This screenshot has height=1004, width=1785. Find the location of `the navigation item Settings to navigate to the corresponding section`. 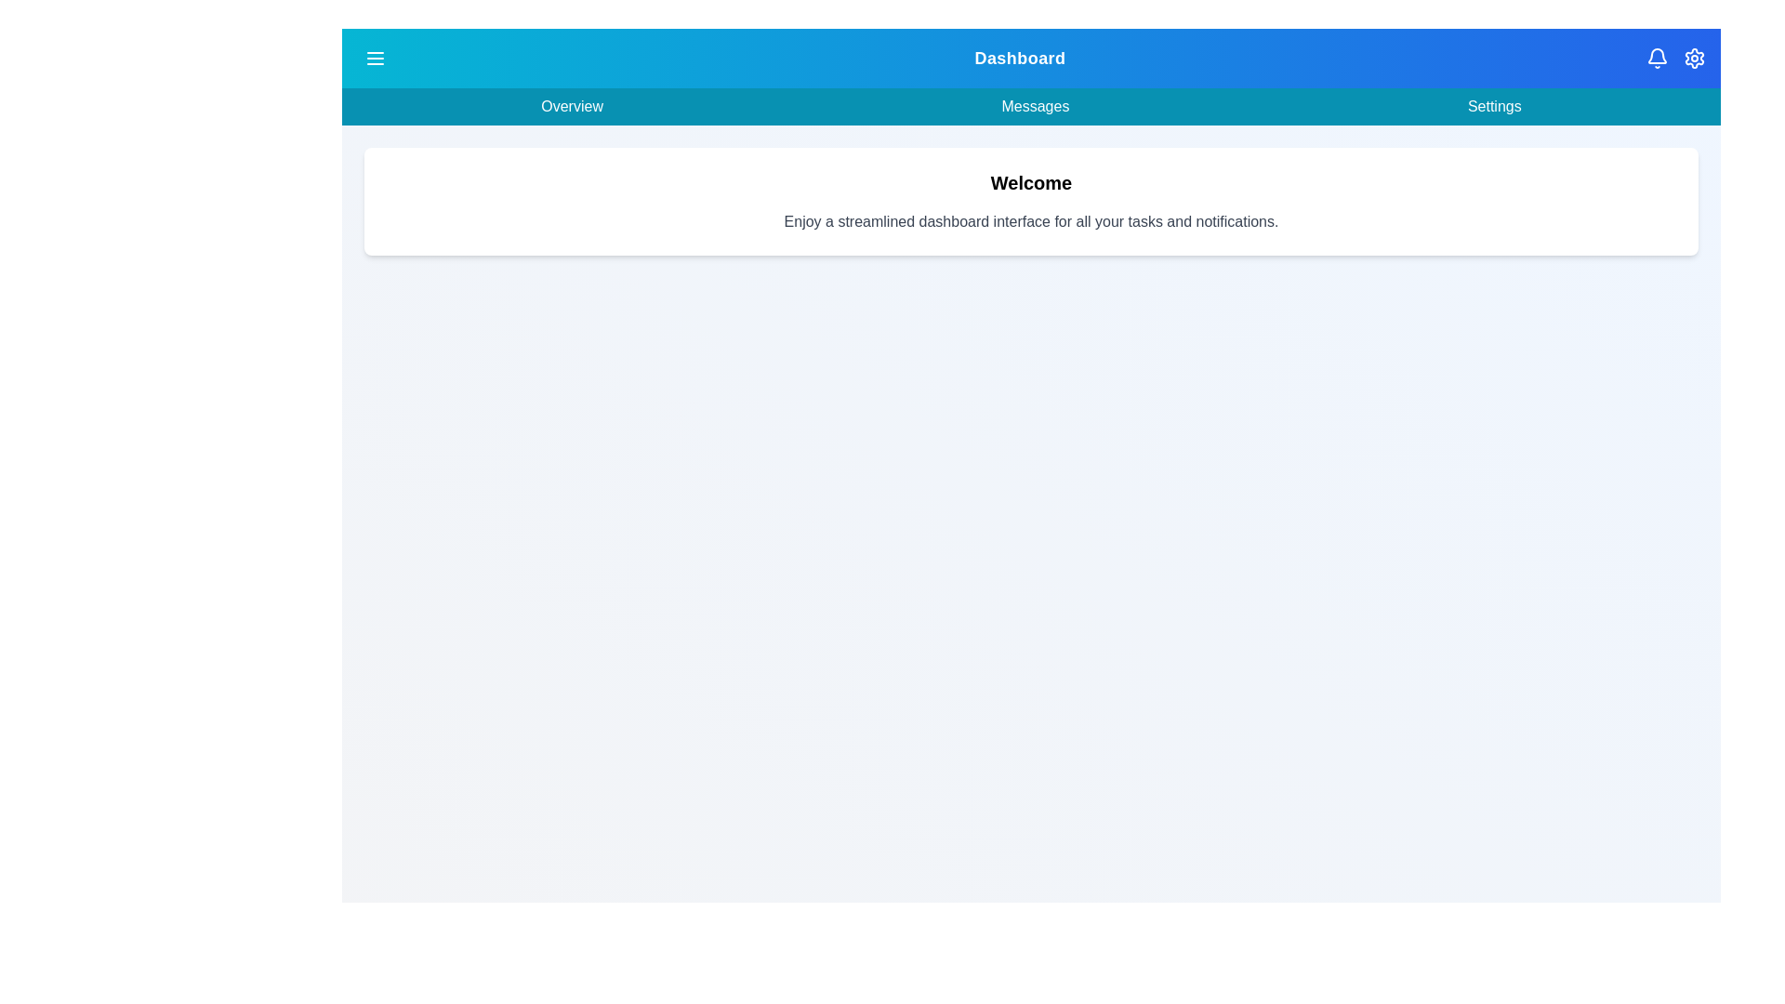

the navigation item Settings to navigate to the corresponding section is located at coordinates (1494, 107).